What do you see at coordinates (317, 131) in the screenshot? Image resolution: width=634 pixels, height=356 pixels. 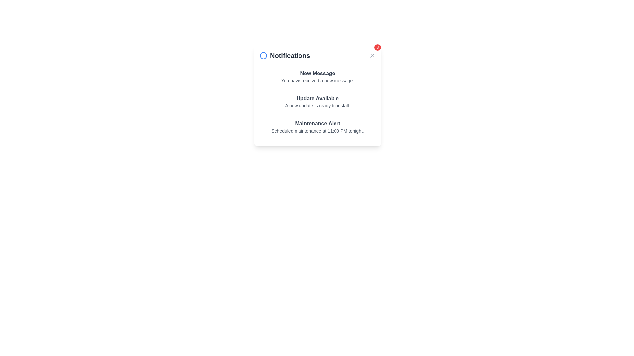 I see `information displayed in the text label that states 'Scheduled maintenance at 11:00 PM tonight.' located within the 'Maintenance Alert' notification card` at bounding box center [317, 131].